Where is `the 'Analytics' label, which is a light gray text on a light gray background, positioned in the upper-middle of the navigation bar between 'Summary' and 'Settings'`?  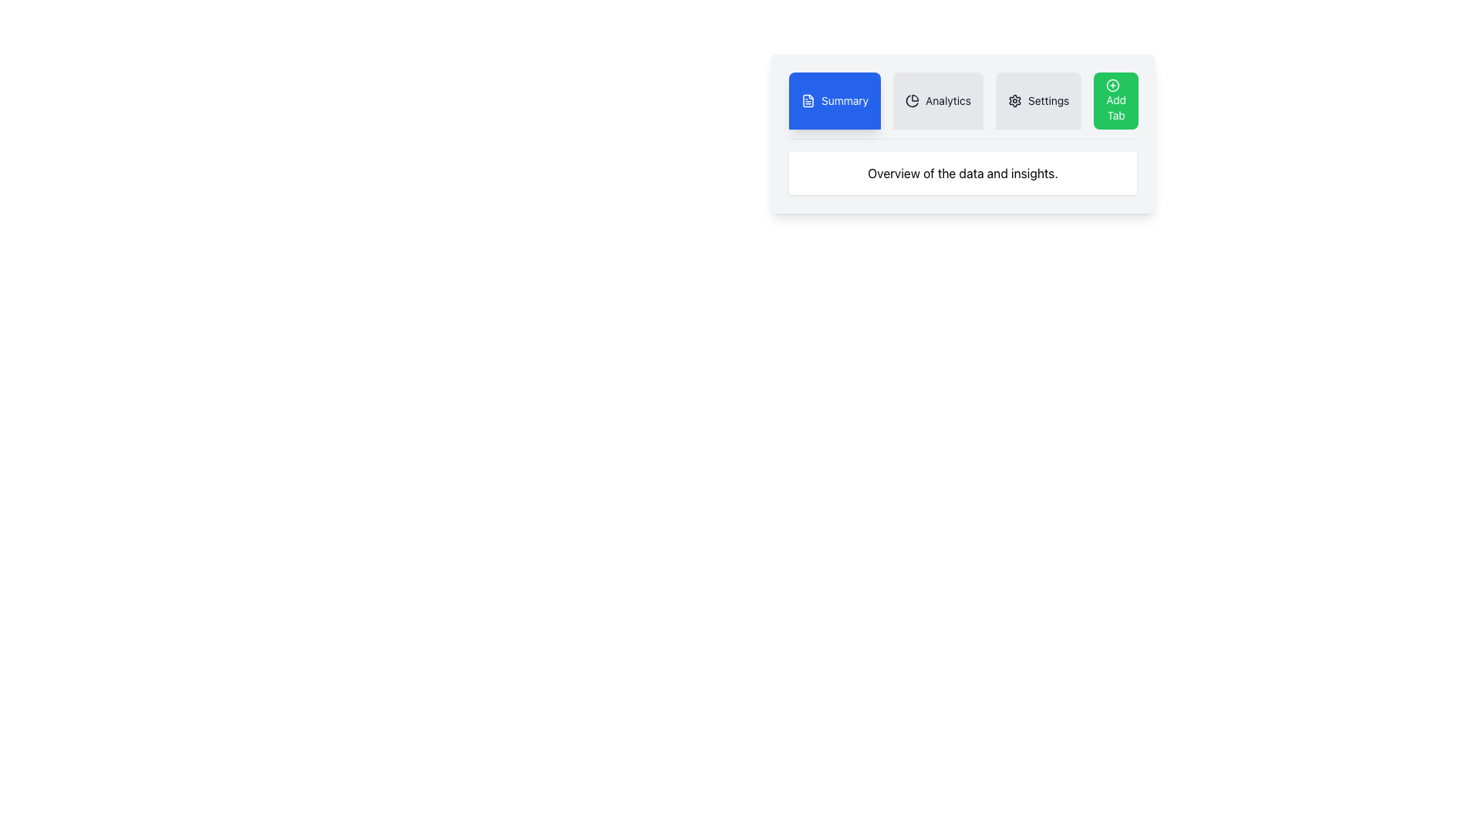
the 'Analytics' label, which is a light gray text on a light gray background, positioned in the upper-middle of the navigation bar between 'Summary' and 'Settings' is located at coordinates (947, 101).